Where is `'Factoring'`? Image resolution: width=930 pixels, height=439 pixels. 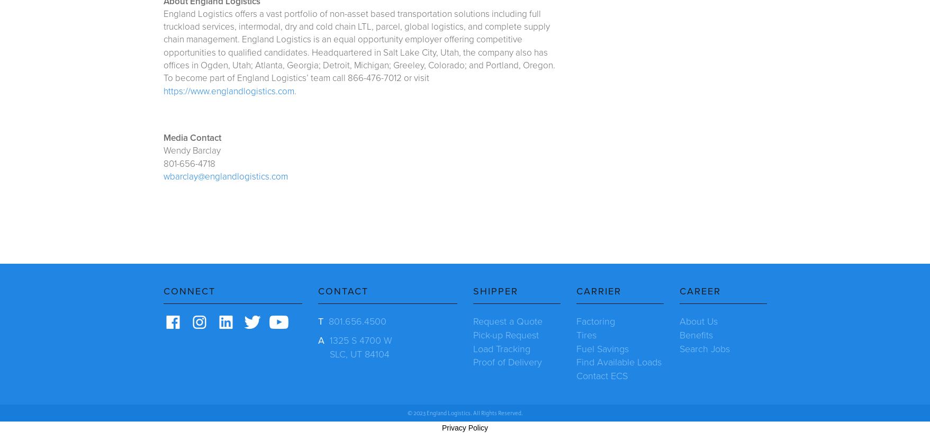 'Factoring' is located at coordinates (595, 321).